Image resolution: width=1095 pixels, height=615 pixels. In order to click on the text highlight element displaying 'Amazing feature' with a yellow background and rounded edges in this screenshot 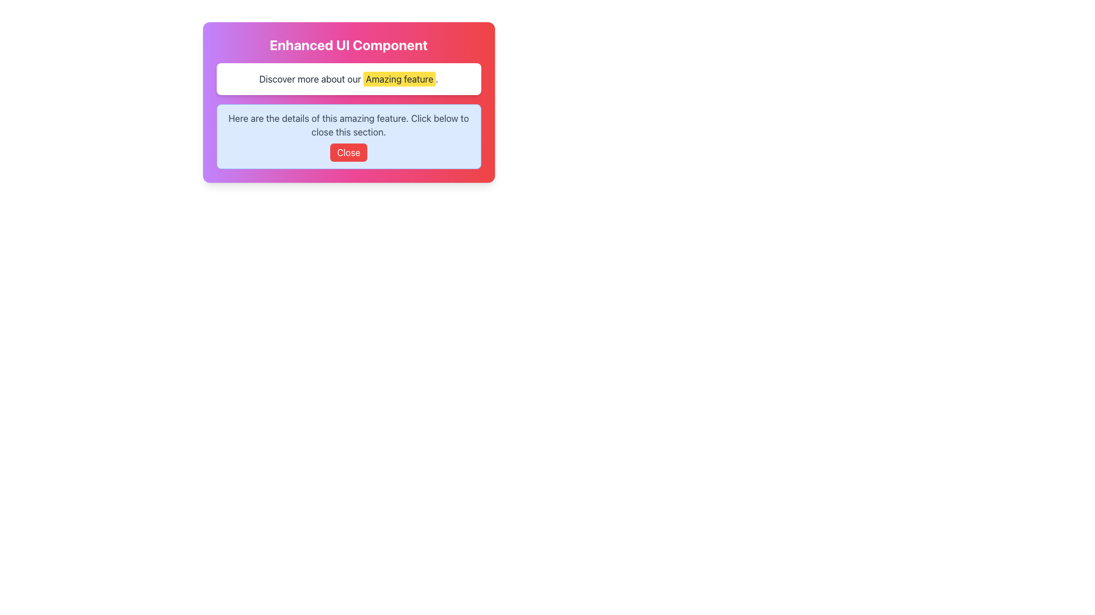, I will do `click(399, 78)`.